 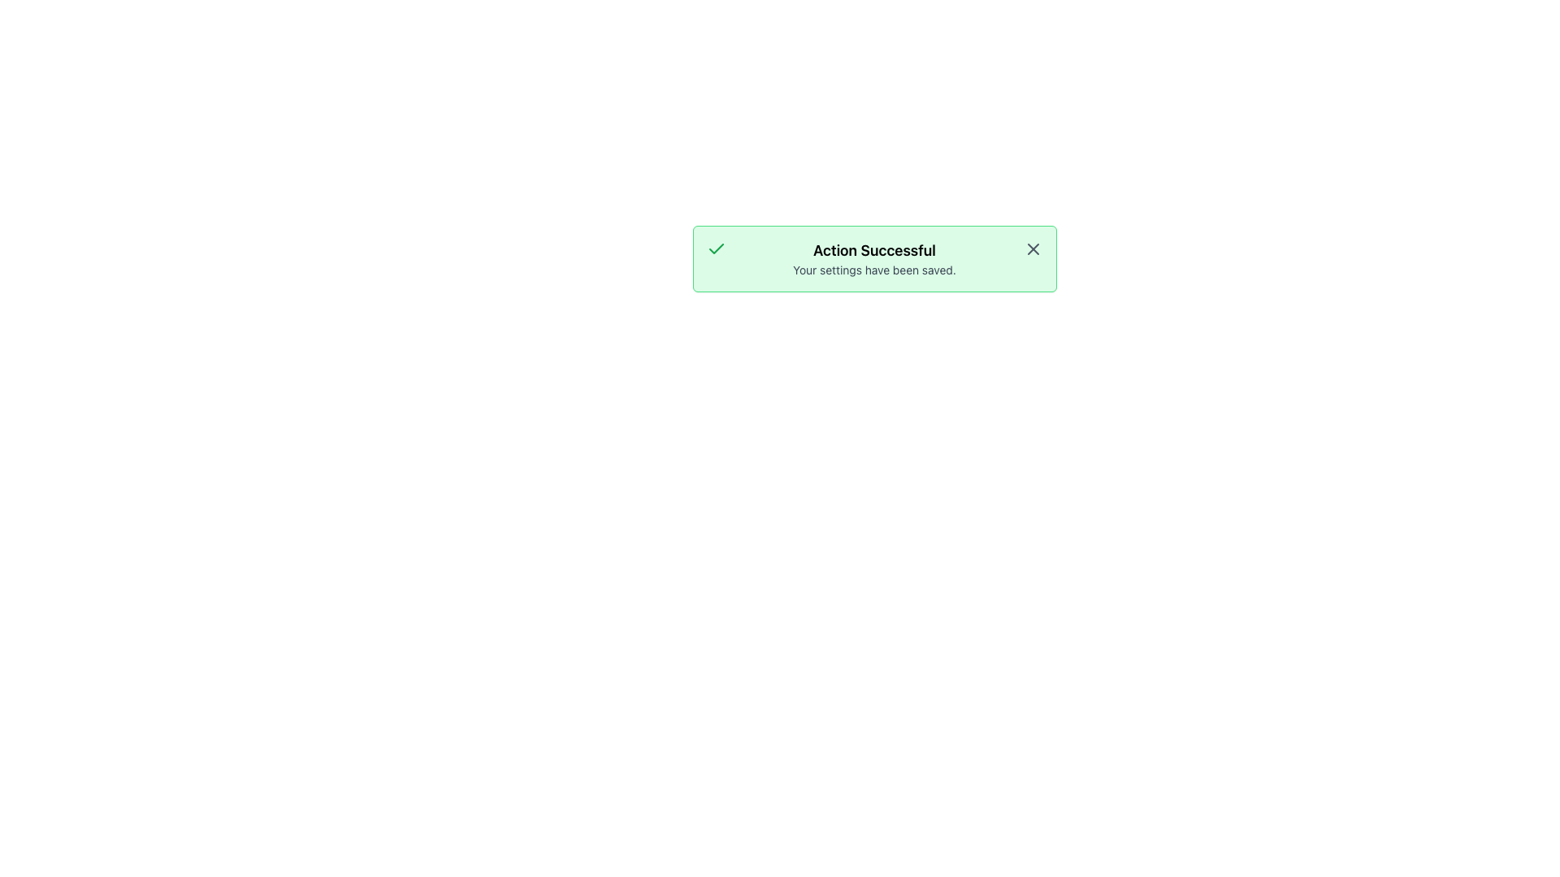 I want to click on the red 'X' close icon located in the top-right corner of the success notification box that displays 'Action Successful' and the message 'Your settings have been saved.', so click(x=1032, y=249).